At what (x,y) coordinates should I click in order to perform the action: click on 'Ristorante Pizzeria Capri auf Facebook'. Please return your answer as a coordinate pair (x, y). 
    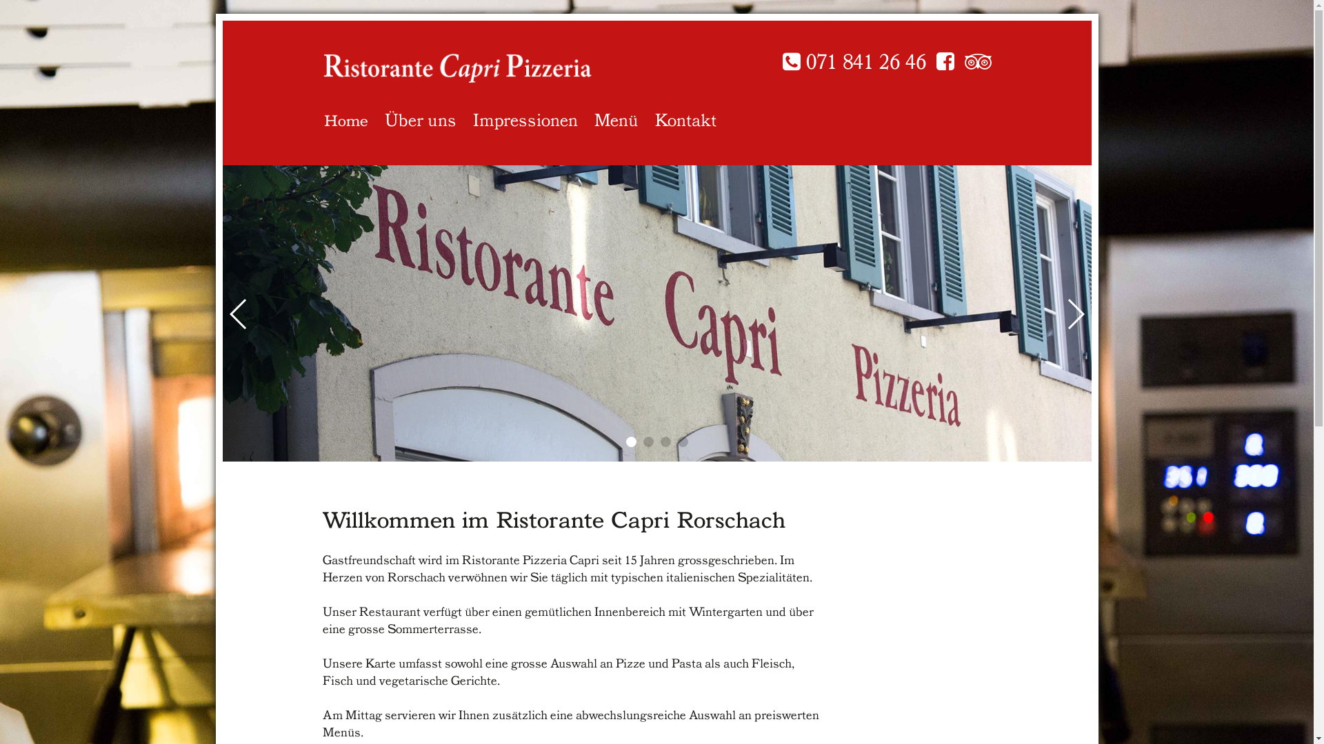
    Looking at the image, I should click on (945, 61).